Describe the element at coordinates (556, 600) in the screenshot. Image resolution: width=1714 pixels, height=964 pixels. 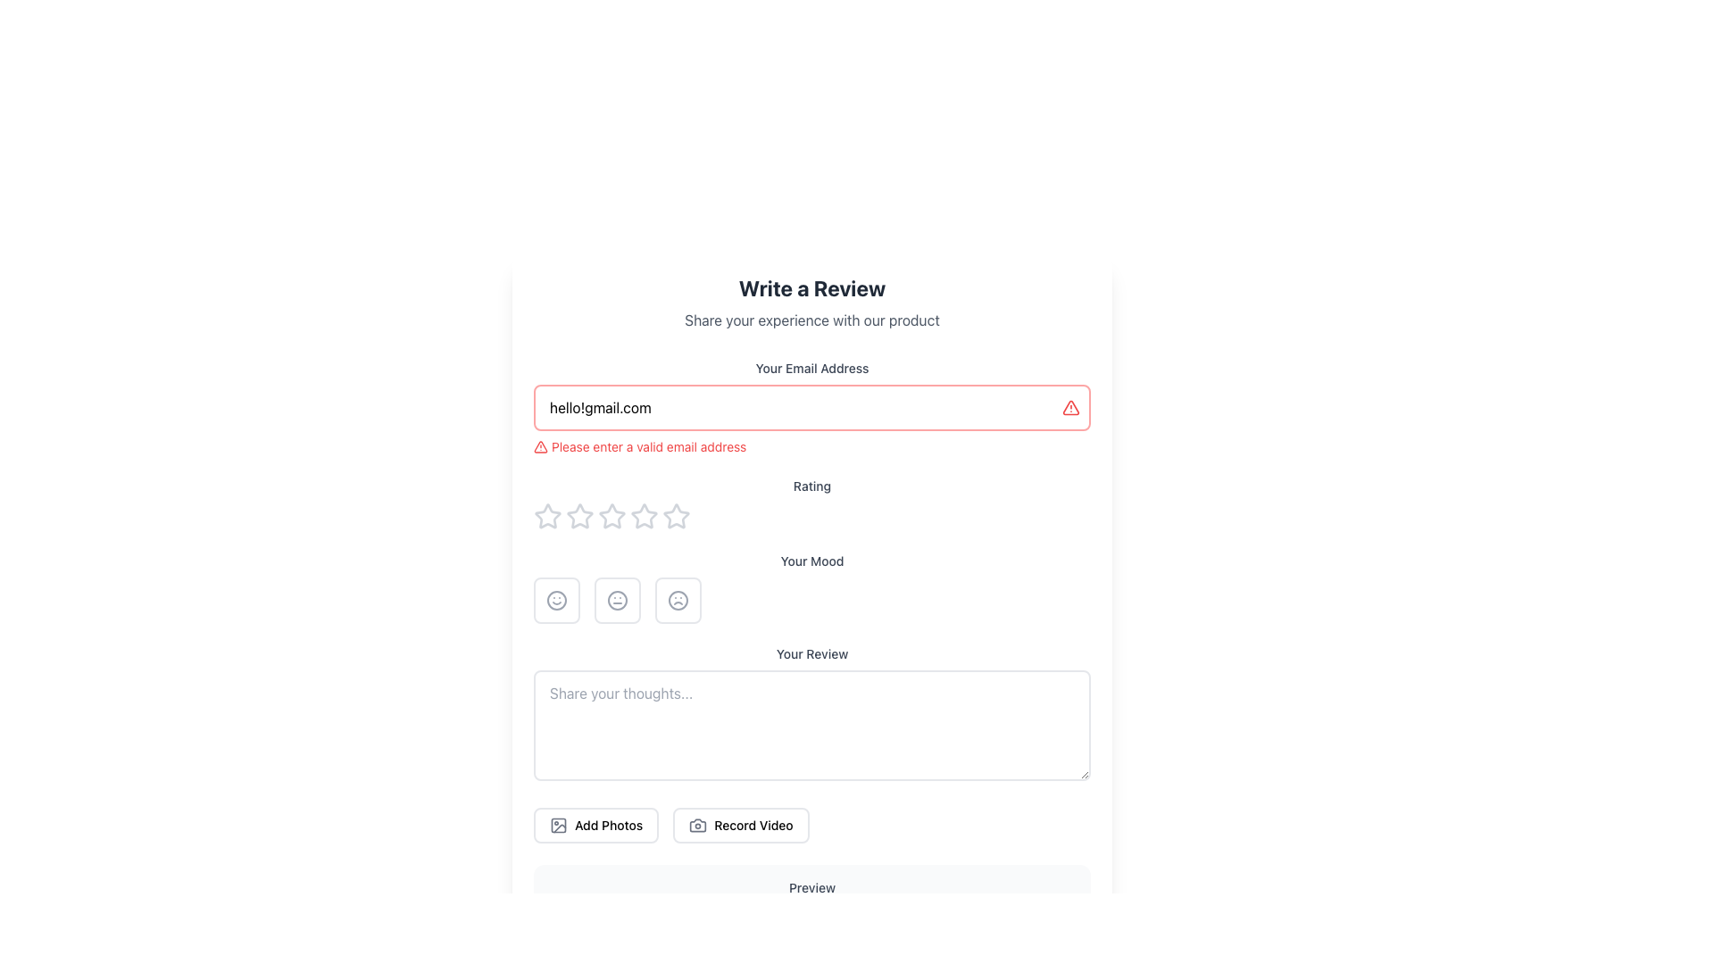
I see `the 'happy' mood button located in the 'Your Mood' section, which is the first of three mood selection buttons` at that location.